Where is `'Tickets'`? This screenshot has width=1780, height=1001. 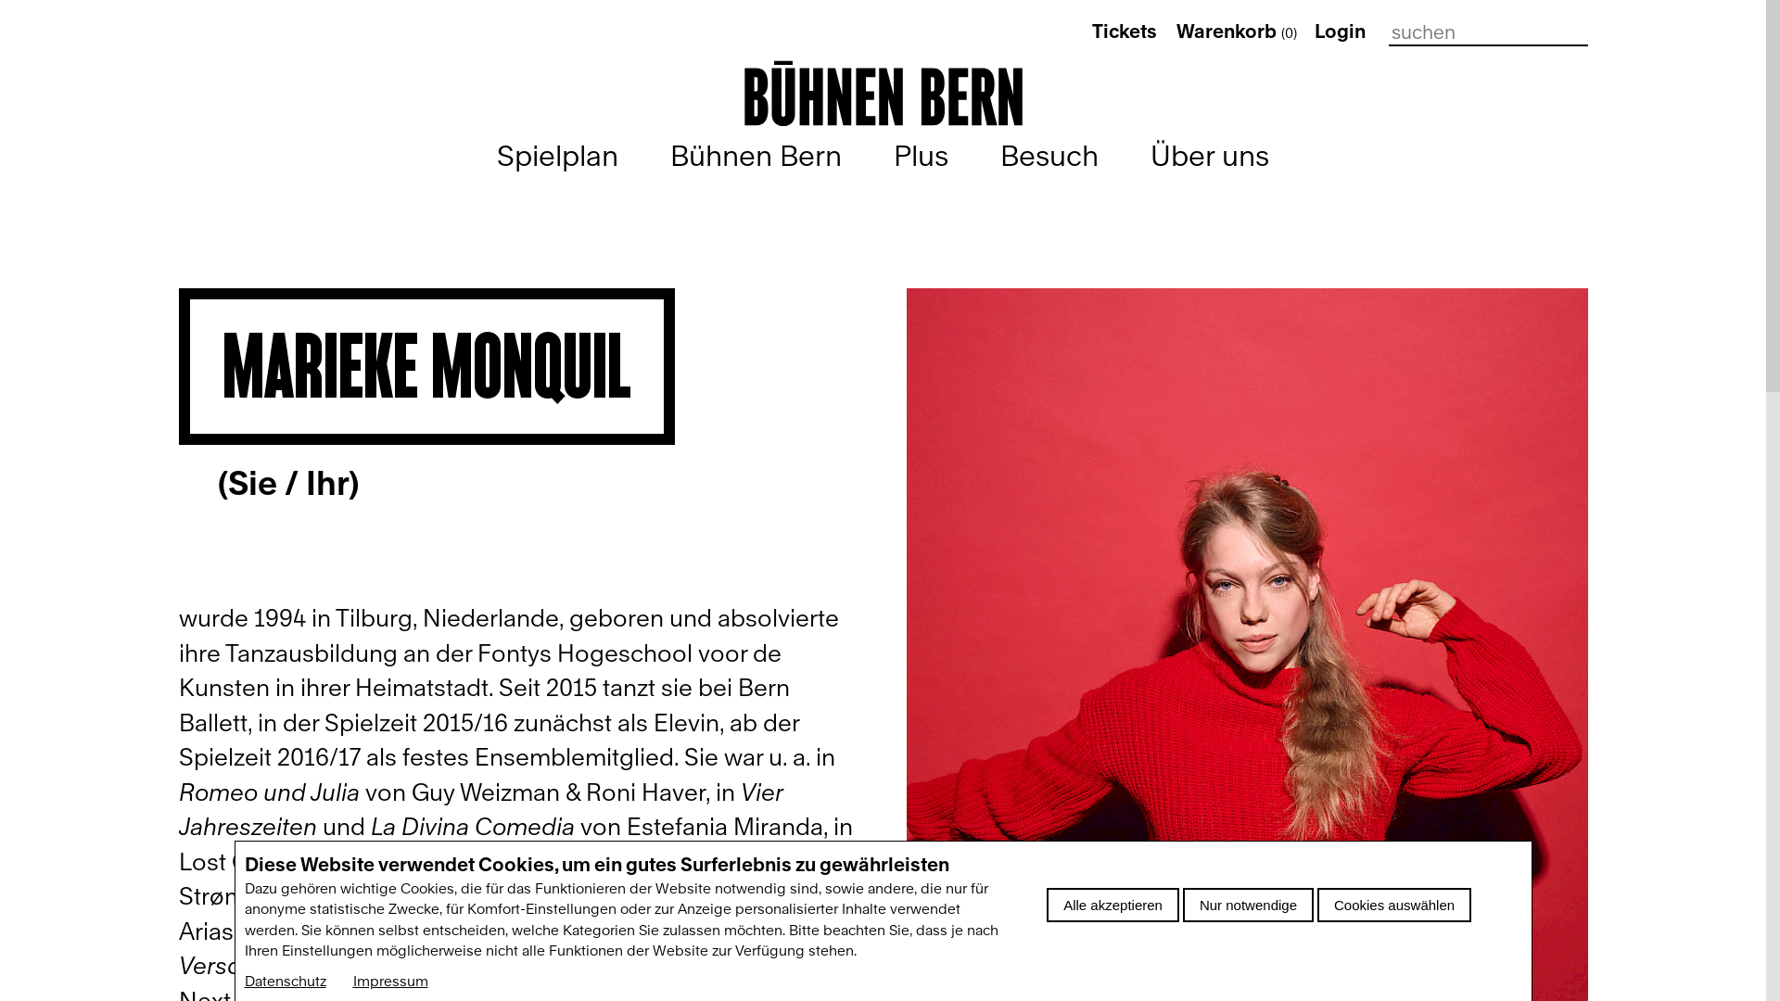 'Tickets' is located at coordinates (1124, 32).